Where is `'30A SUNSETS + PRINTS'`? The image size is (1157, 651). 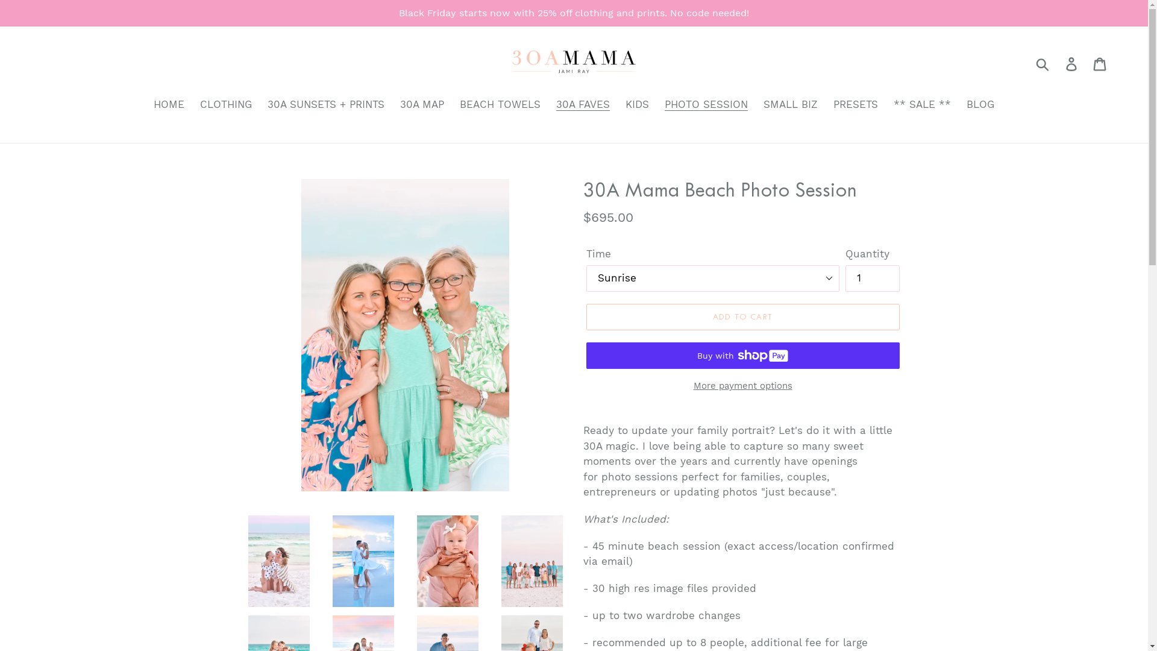
'30A SUNSETS + PRINTS' is located at coordinates (326, 105).